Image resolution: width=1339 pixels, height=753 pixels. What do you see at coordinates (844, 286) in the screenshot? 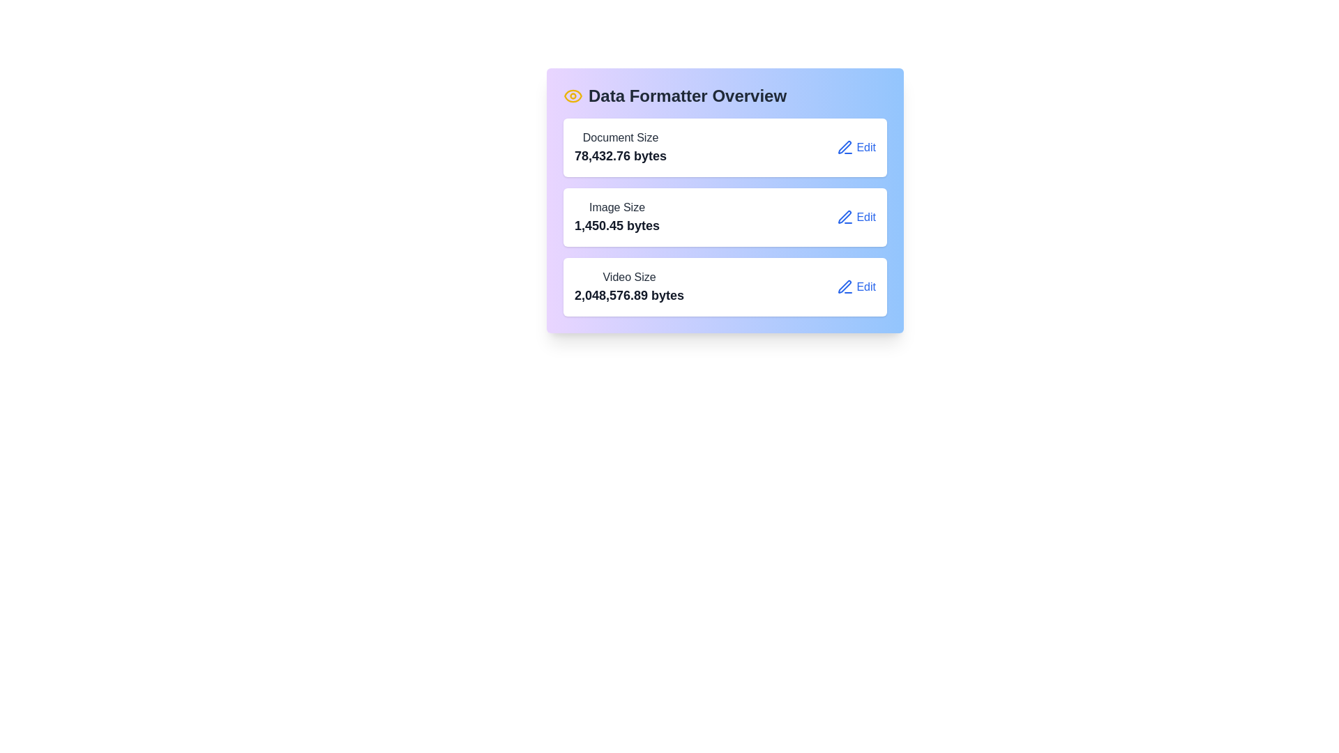
I see `the pen icon located in the top-right corner of the 'Edit' buttons to initiate an edit action` at bounding box center [844, 286].